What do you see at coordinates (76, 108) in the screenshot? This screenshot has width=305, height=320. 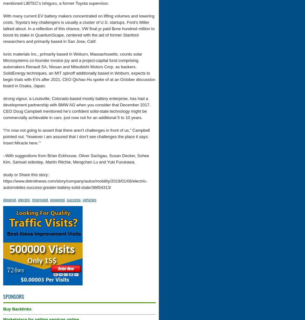 I see `'strong vigour, a Louisville, Colorado-based mostly battery enterprise, has had a development partnership with BMW AG when you consider that December 2017. CEO Doug Campbell mentioned he’s confident solid-state technology might be commercially achievable in cars. just now not for an additional 5 to 10 years.'` at bounding box center [76, 108].